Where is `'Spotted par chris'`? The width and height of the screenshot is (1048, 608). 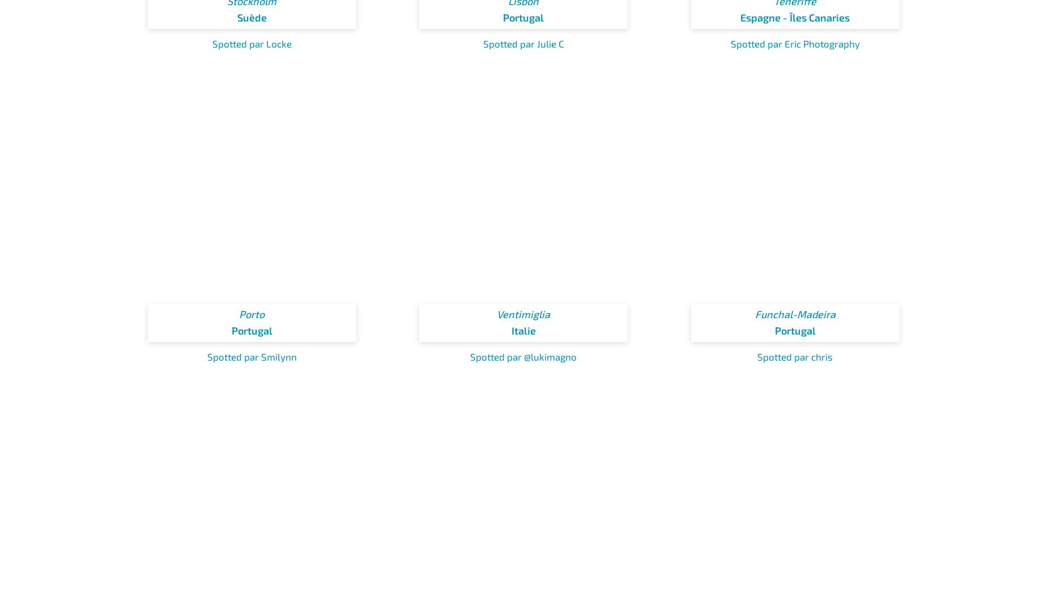 'Spotted par chris' is located at coordinates (795, 356).